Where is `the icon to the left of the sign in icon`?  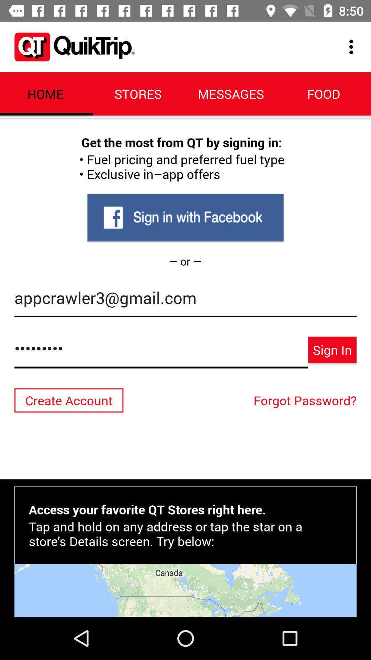 the icon to the left of the sign in icon is located at coordinates (161, 352).